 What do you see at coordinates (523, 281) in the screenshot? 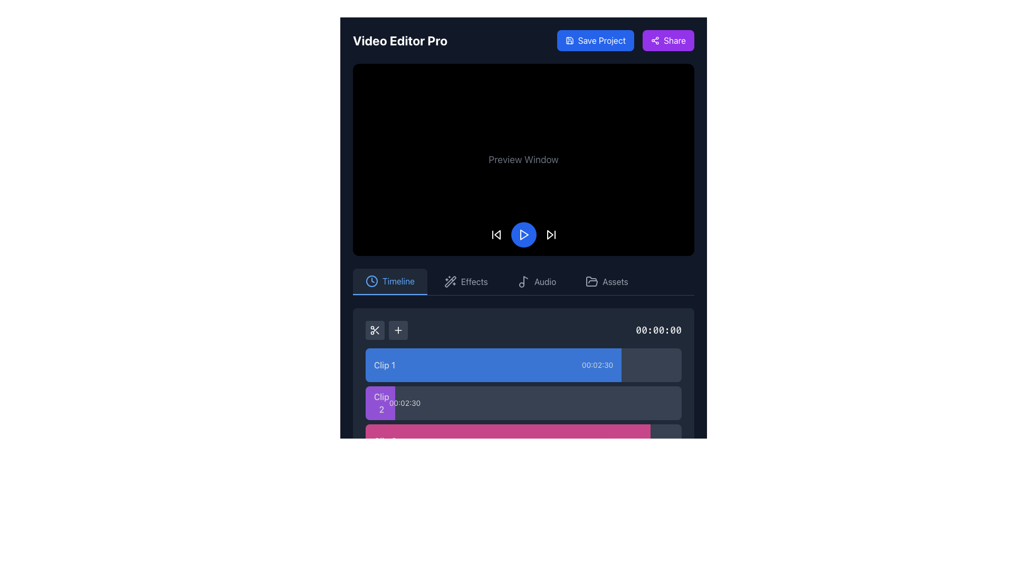
I see `the music note icon` at bounding box center [523, 281].